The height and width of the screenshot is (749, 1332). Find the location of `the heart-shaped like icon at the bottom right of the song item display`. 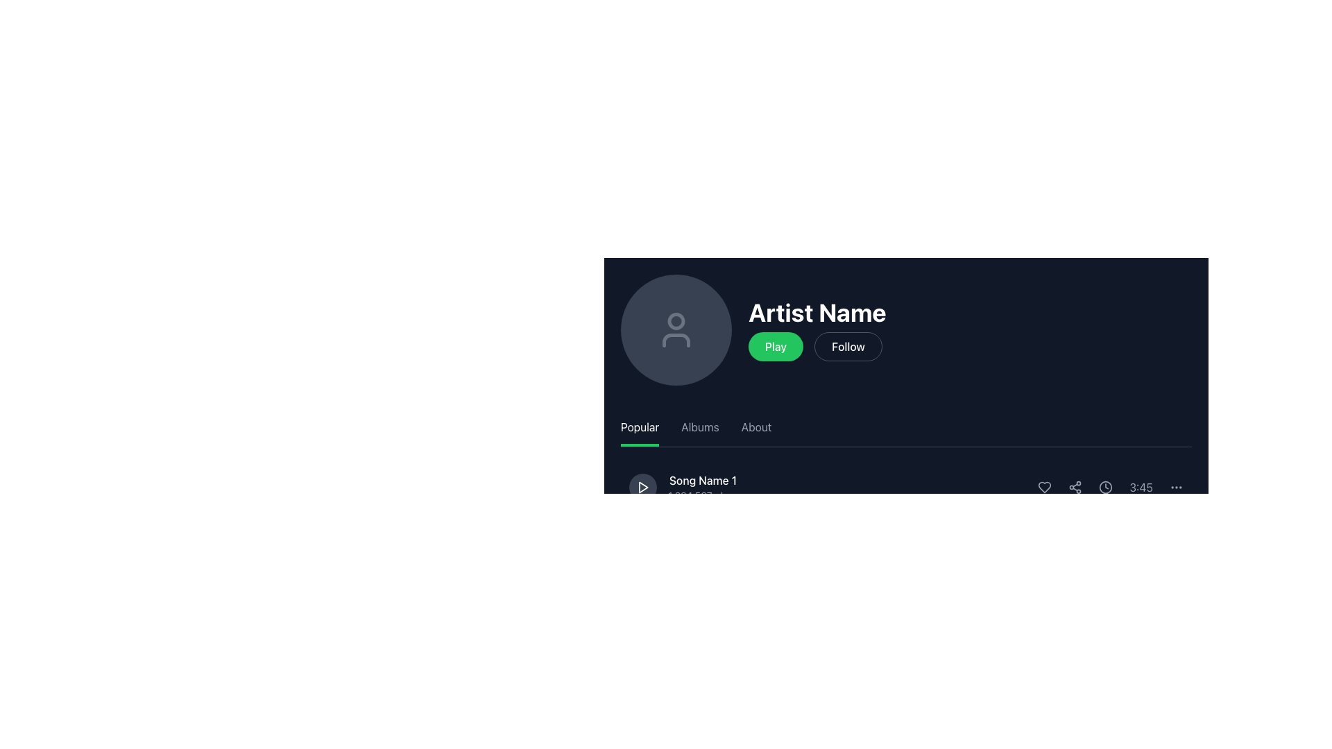

the heart-shaped like icon at the bottom right of the song item display is located at coordinates (1045, 486).